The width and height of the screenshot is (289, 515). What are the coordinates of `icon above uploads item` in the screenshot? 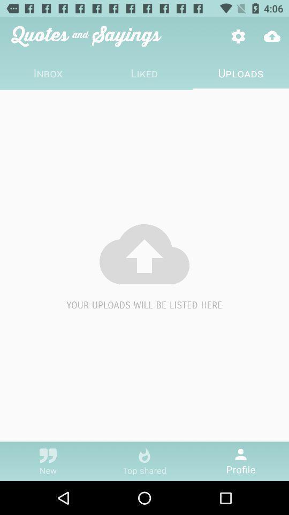 It's located at (272, 36).